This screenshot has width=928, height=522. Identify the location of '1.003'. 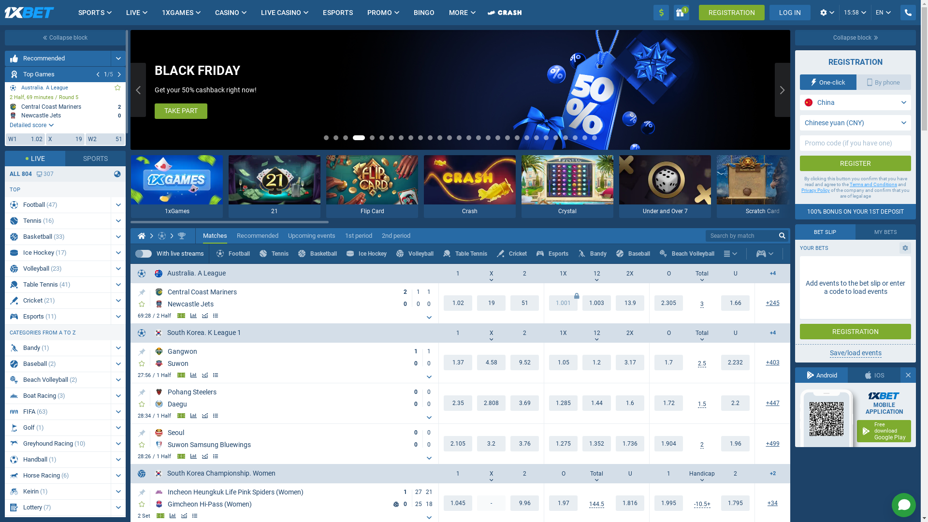
(596, 303).